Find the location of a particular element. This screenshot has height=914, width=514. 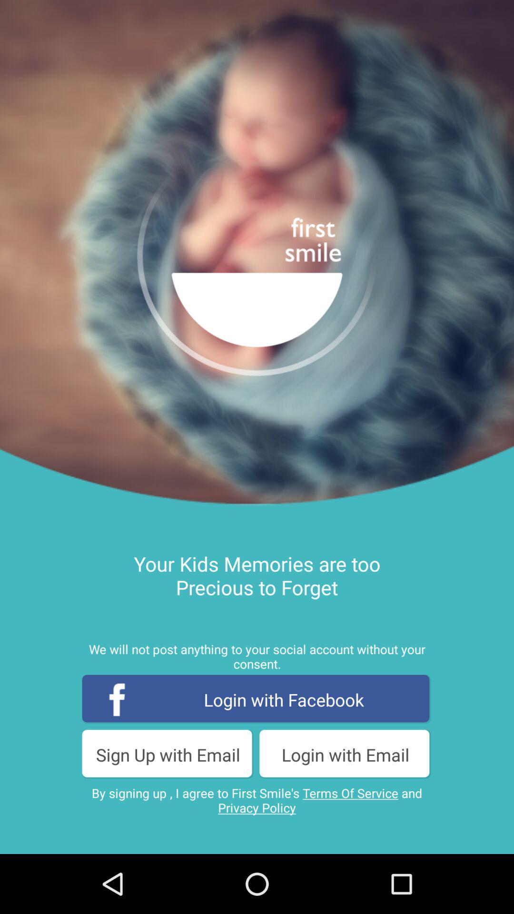

the button below the sign up with is located at coordinates (257, 800).